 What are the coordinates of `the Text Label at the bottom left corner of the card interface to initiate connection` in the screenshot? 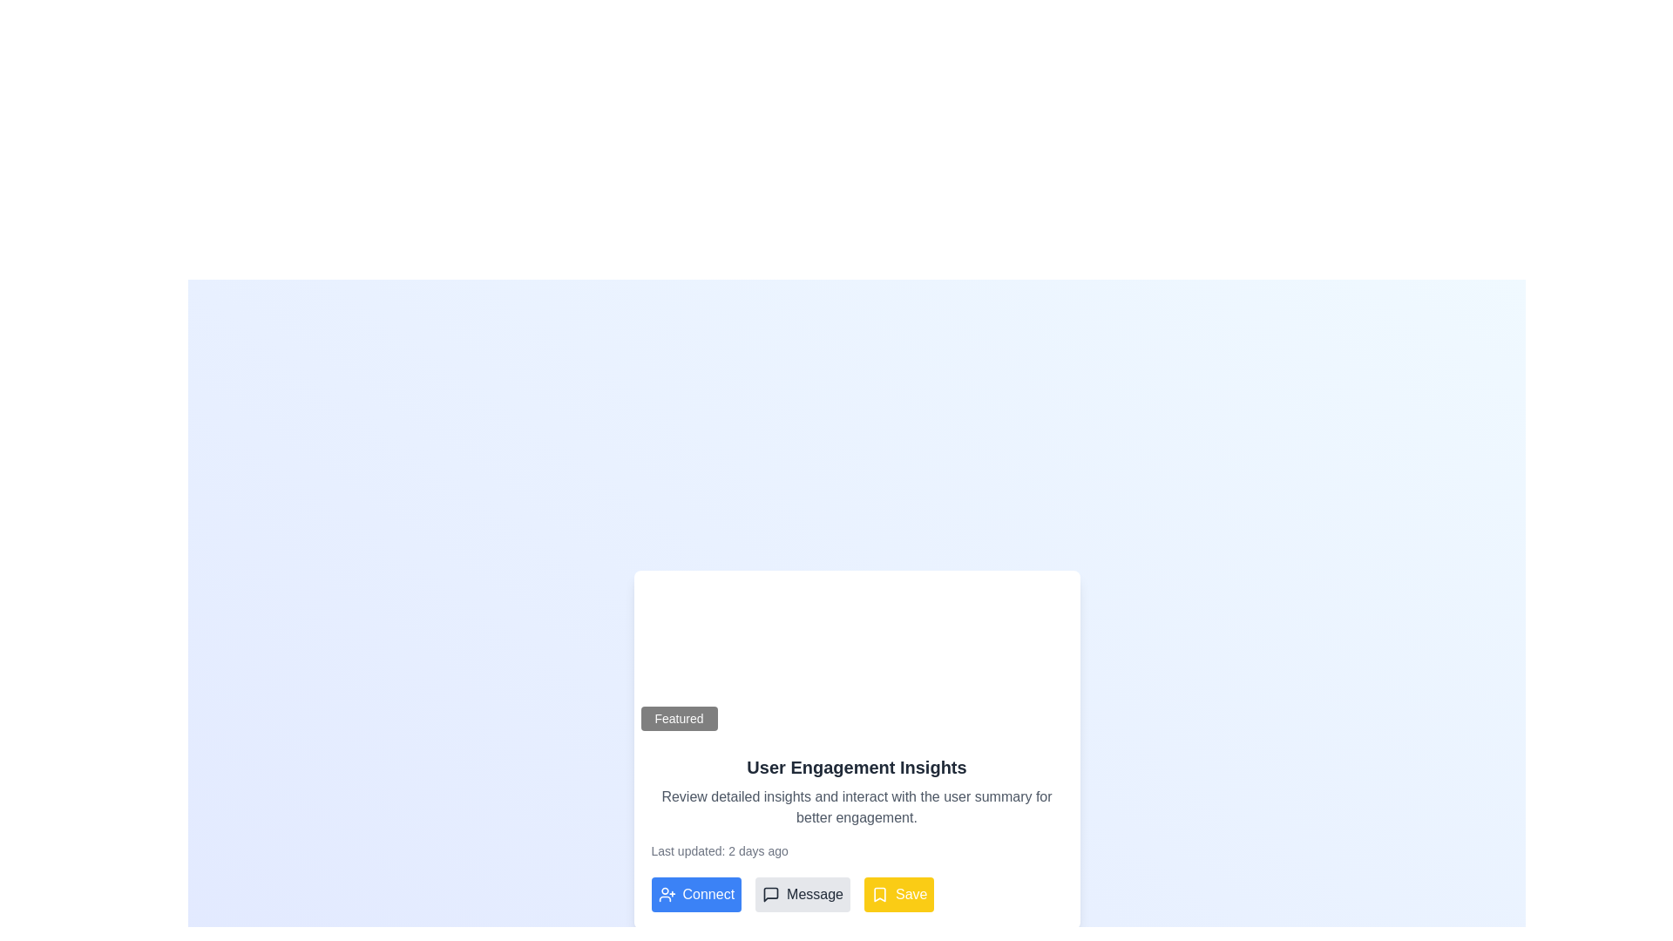 It's located at (708, 894).